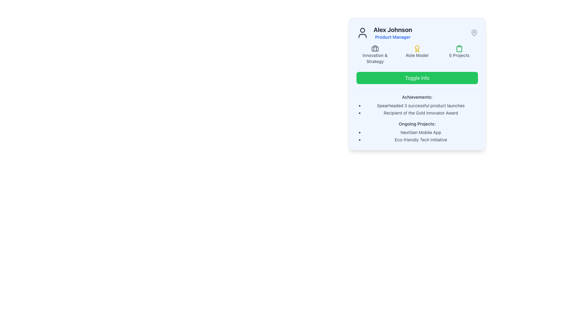  Describe the element at coordinates (417, 48) in the screenshot. I see `the award-shaped icon that is styled in bold yellow and positioned centrally above the text 'Role Model'` at that location.